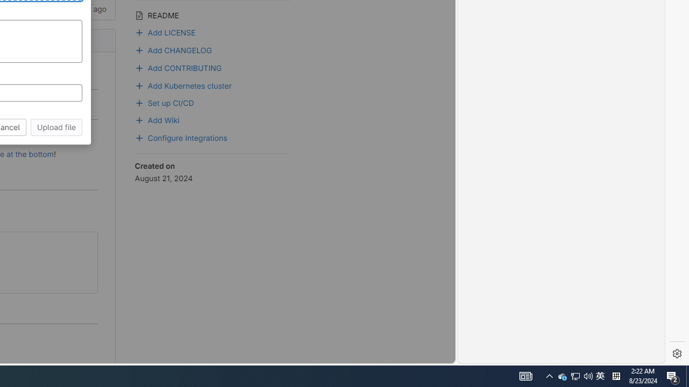 The width and height of the screenshot is (689, 387). Describe the element at coordinates (56, 126) in the screenshot. I see `'Upload file'` at that location.